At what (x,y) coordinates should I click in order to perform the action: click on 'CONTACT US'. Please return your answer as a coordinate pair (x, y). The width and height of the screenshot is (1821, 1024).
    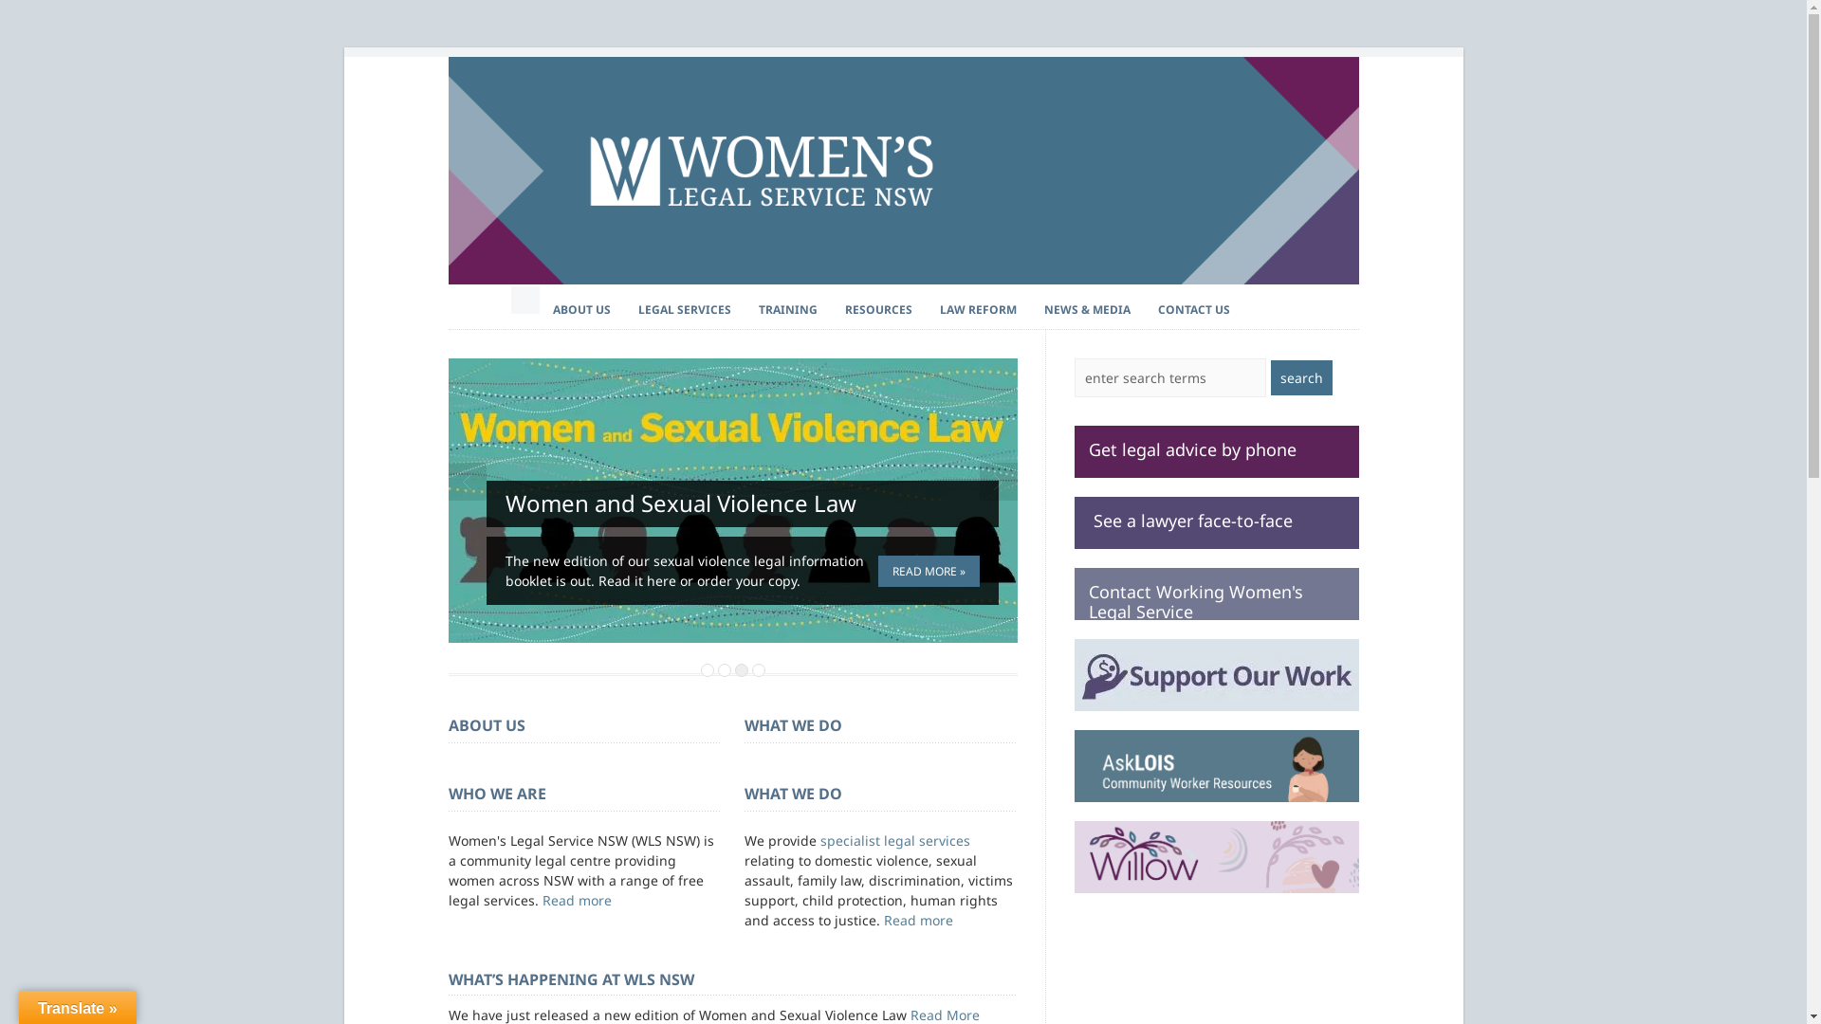
    Looking at the image, I should click on (1142, 309).